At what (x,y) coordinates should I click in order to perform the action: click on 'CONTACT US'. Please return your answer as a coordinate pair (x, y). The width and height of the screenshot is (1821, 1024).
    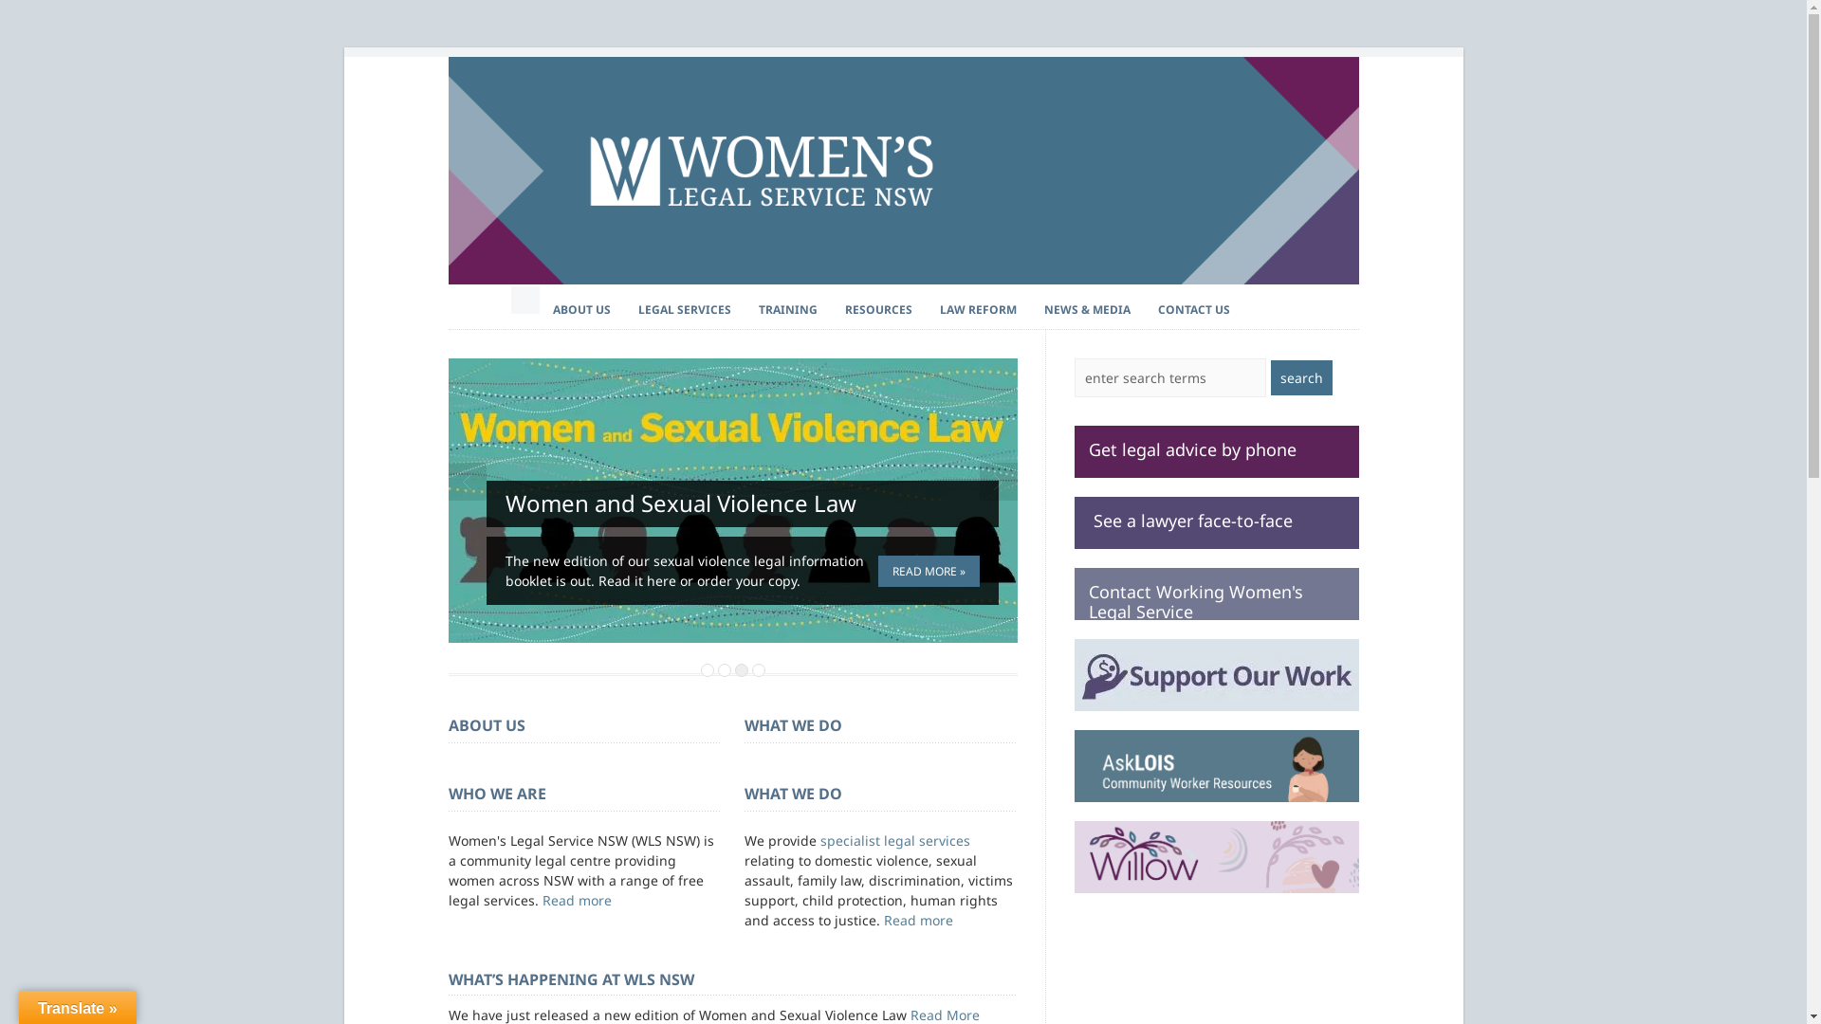
    Looking at the image, I should click on (1142, 309).